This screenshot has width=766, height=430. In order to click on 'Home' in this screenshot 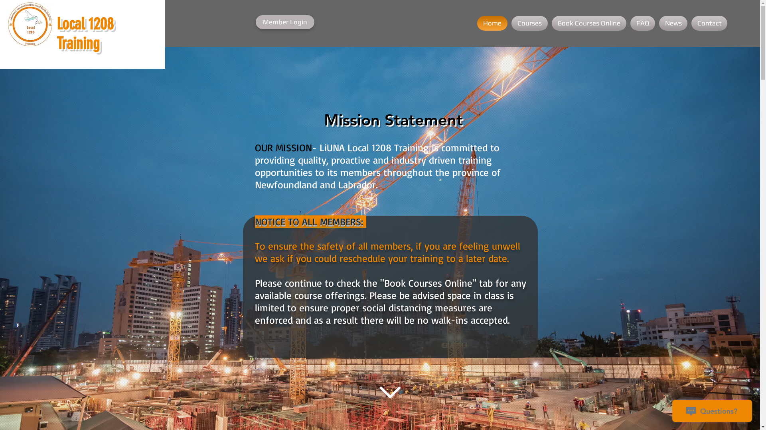, I will do `click(493, 23)`.